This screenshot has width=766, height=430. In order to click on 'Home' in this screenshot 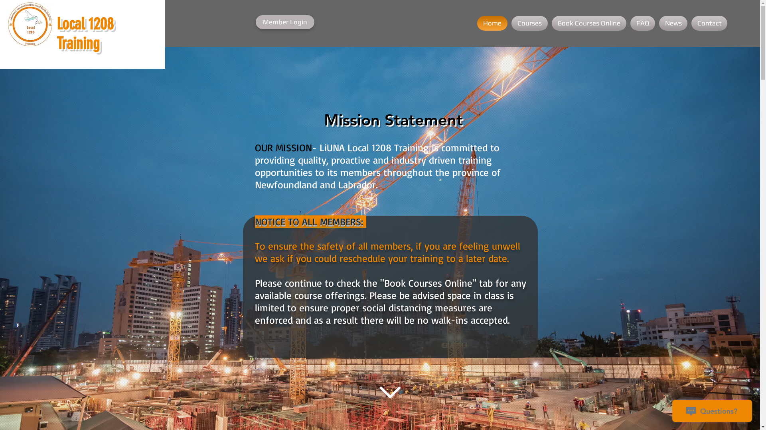, I will do `click(493, 23)`.